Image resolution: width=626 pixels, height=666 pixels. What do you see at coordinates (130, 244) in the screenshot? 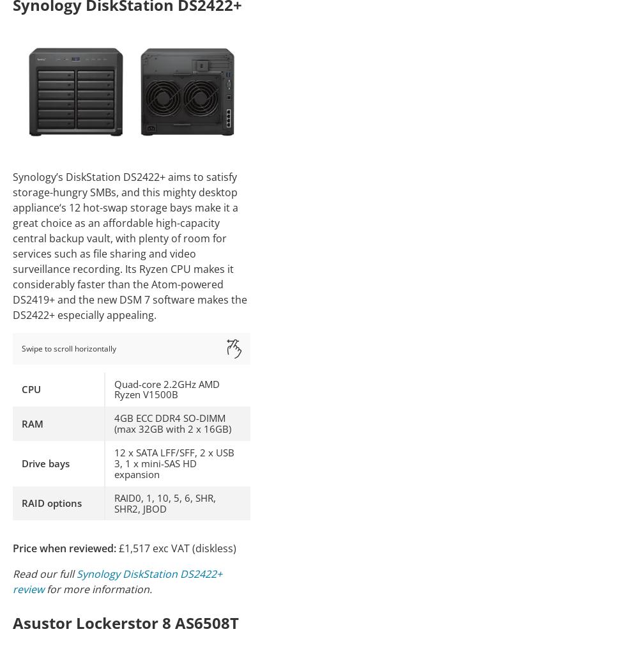
I see `'Synology’s DiskStation DS2422+ aims to satisfy storage-hungry SMBs, and this mighty desktop appliance‘s 12 hot-swap storage bays make it a great choice as an affordable high-capacity central backup vault, with plenty of room for services such as file sharing and video surveillance recording. Its Ryzen CPU makes it considerably faster than the Atom-powered DS2419+ and the new DSM 7 software makes the DS2422+ especially appealing.'` at bounding box center [130, 244].